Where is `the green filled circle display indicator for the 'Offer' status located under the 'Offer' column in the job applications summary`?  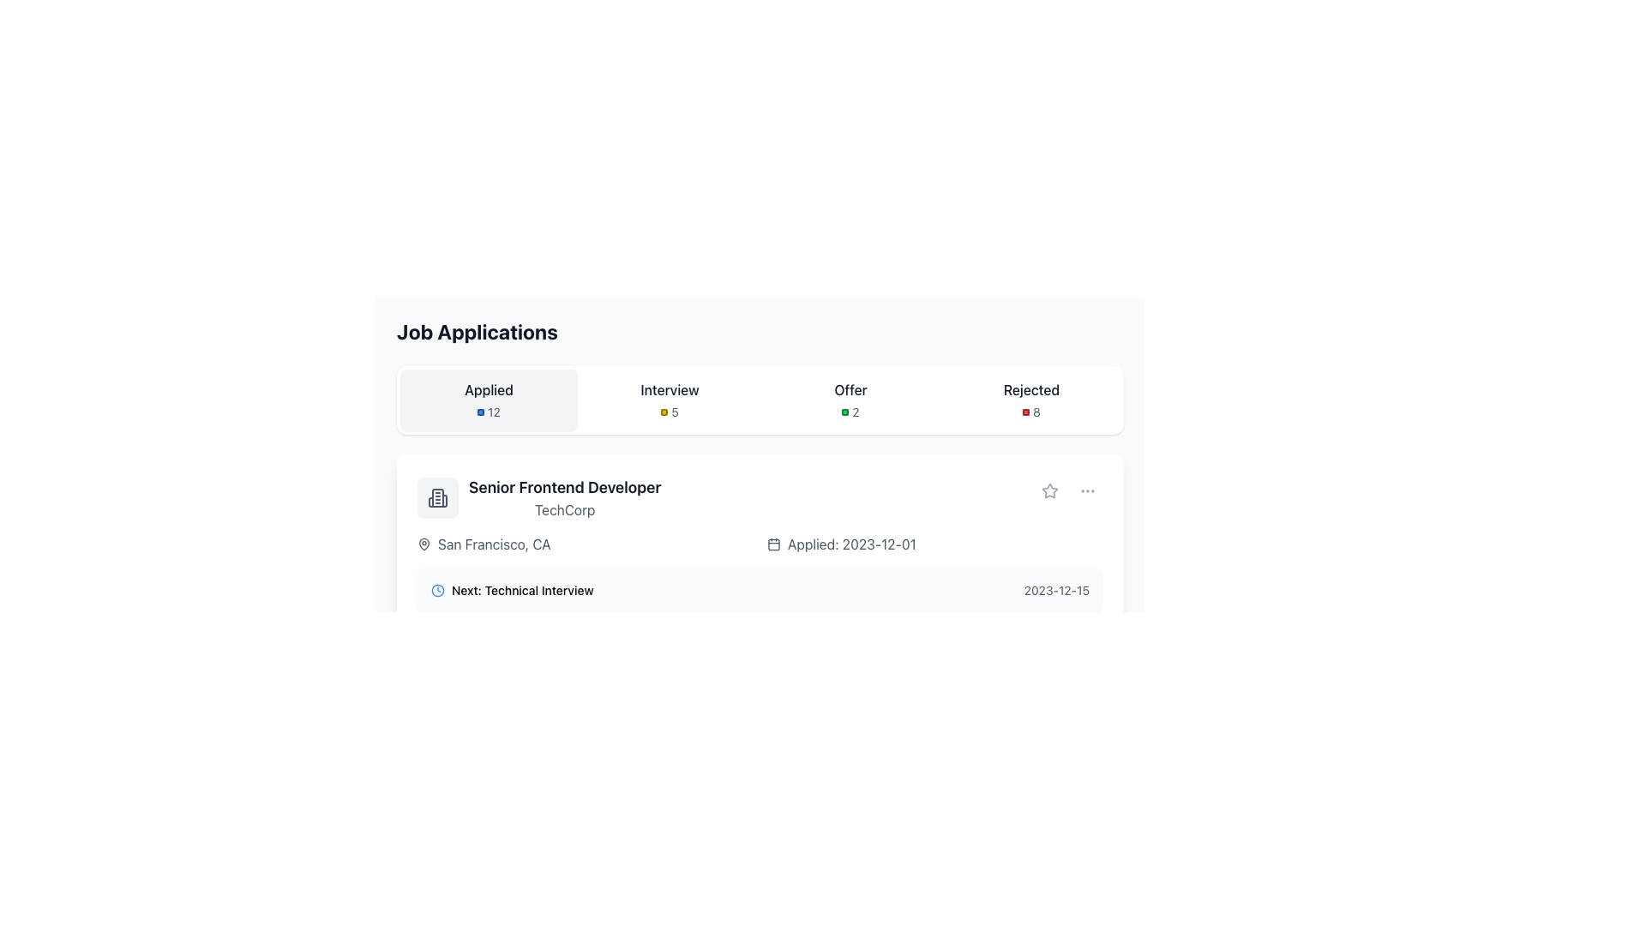 the green filled circle display indicator for the 'Offer' status located under the 'Offer' column in the job applications summary is located at coordinates (850, 412).